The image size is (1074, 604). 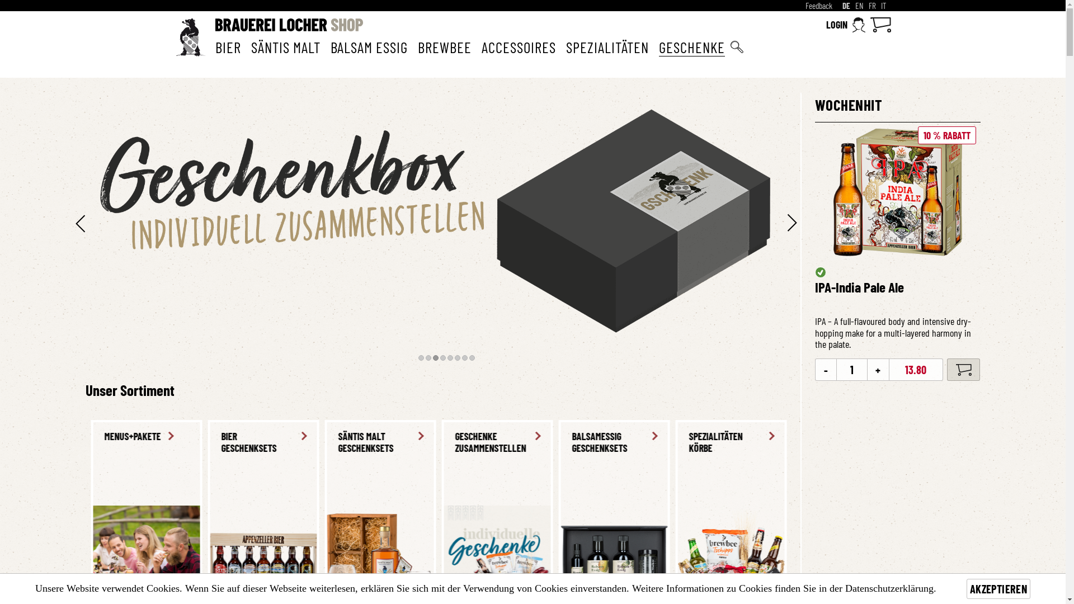 What do you see at coordinates (443, 46) in the screenshot?
I see `'BREWBEE'` at bounding box center [443, 46].